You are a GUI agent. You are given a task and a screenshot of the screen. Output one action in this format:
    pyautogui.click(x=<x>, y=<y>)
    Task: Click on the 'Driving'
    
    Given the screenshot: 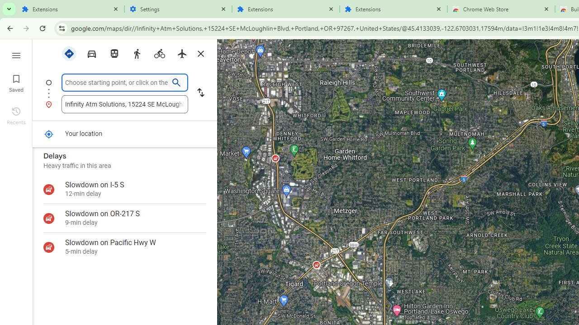 What is the action you would take?
    pyautogui.click(x=91, y=54)
    